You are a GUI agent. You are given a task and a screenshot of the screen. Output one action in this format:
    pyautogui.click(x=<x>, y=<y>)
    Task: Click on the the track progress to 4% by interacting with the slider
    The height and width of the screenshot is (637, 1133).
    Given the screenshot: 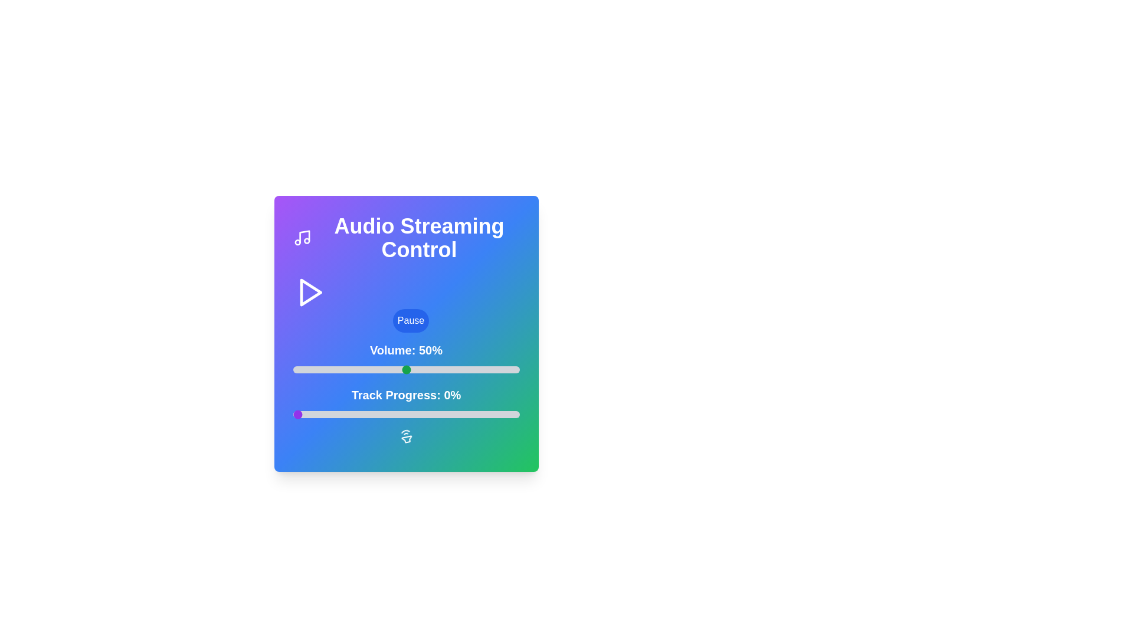 What is the action you would take?
    pyautogui.click(x=302, y=413)
    